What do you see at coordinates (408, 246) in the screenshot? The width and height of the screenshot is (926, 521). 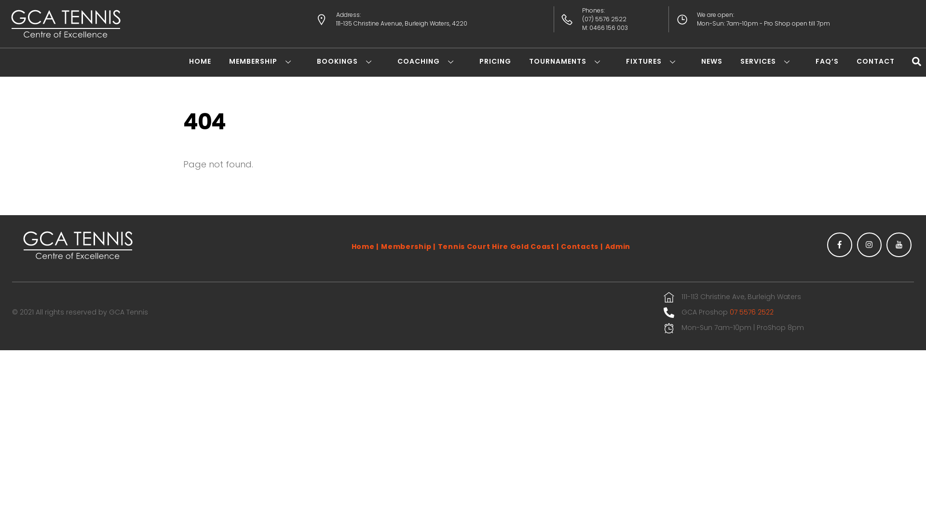 I see `'Membership |'` at bounding box center [408, 246].